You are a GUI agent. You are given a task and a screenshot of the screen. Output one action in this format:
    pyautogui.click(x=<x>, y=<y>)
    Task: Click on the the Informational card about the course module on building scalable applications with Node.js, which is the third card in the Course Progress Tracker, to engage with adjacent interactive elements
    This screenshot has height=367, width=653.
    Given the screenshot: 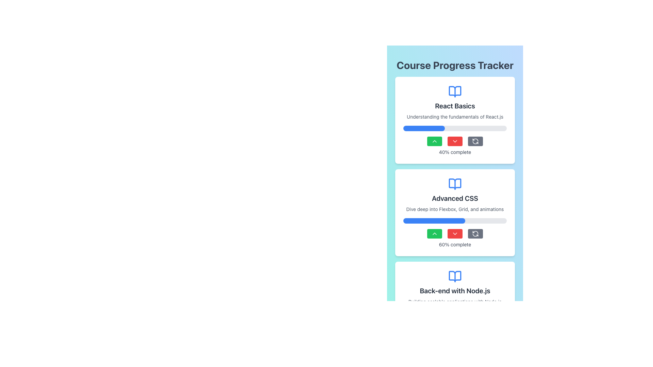 What is the action you would take?
    pyautogui.click(x=455, y=305)
    